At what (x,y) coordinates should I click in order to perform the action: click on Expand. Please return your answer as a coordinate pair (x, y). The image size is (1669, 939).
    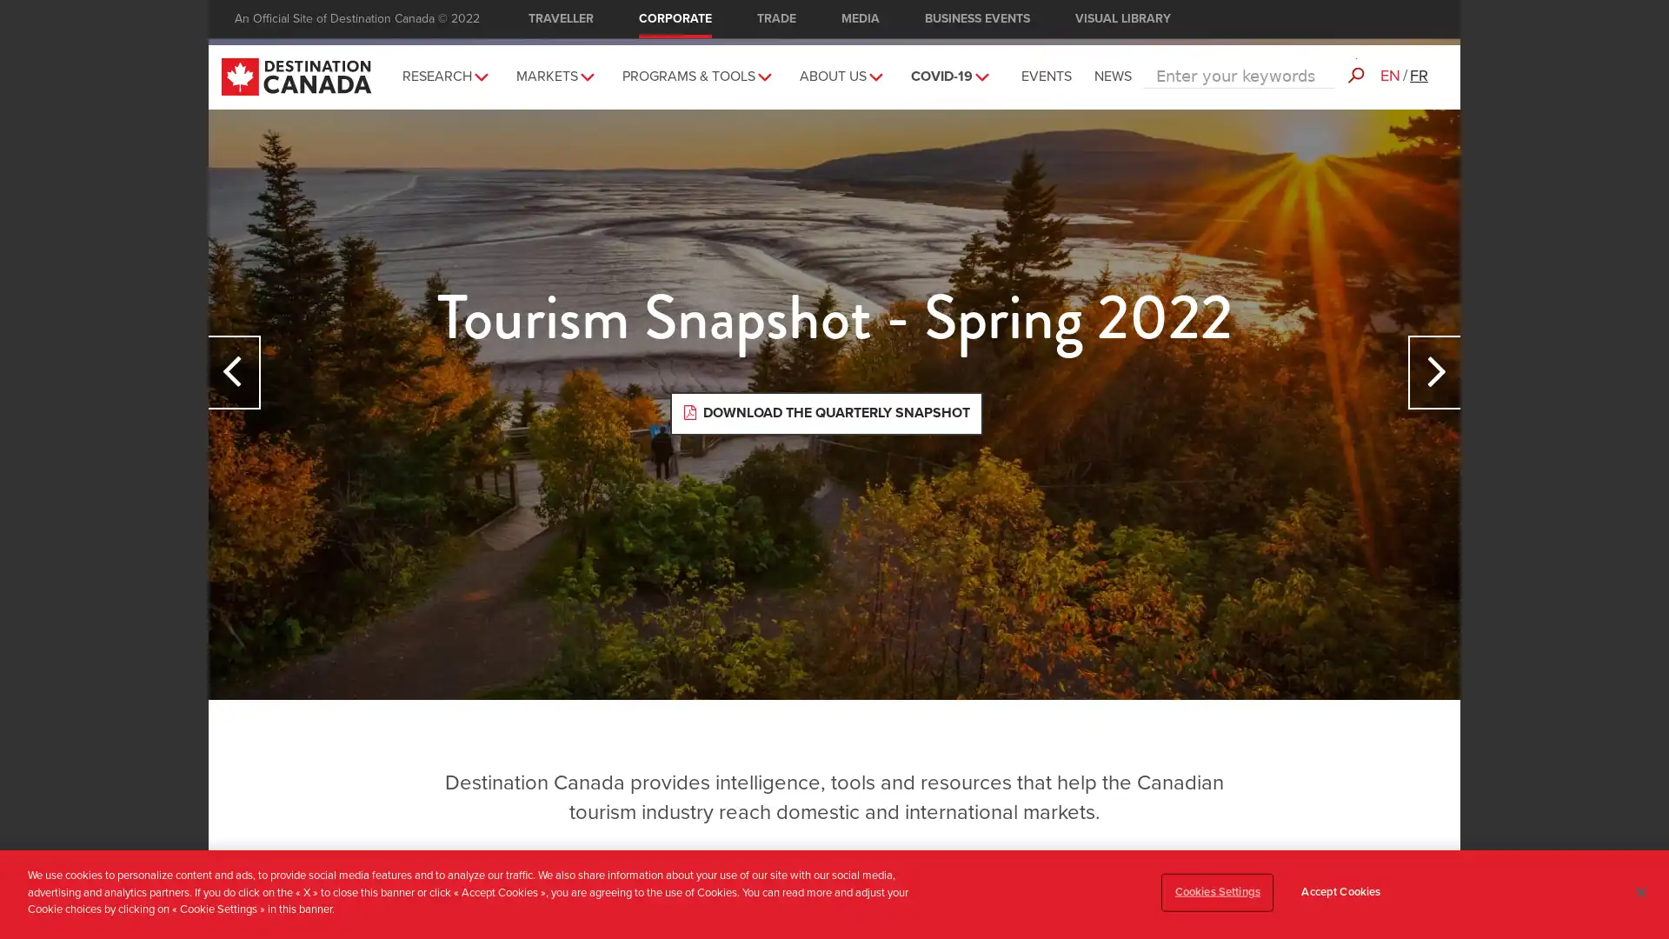
    Looking at the image, I should click on (583, 70).